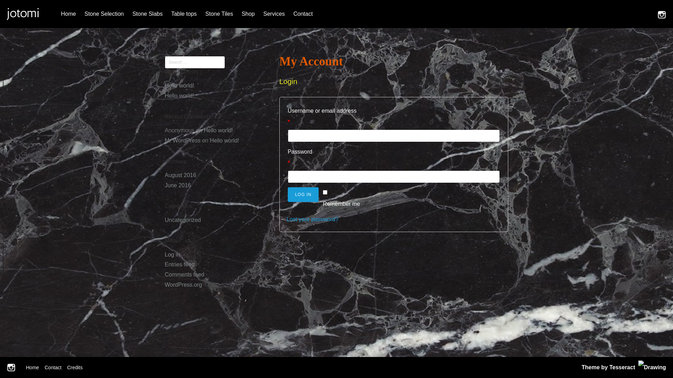 The height and width of the screenshot is (378, 673). Describe the element at coordinates (179, 264) in the screenshot. I see `'Entries feed'` at that location.